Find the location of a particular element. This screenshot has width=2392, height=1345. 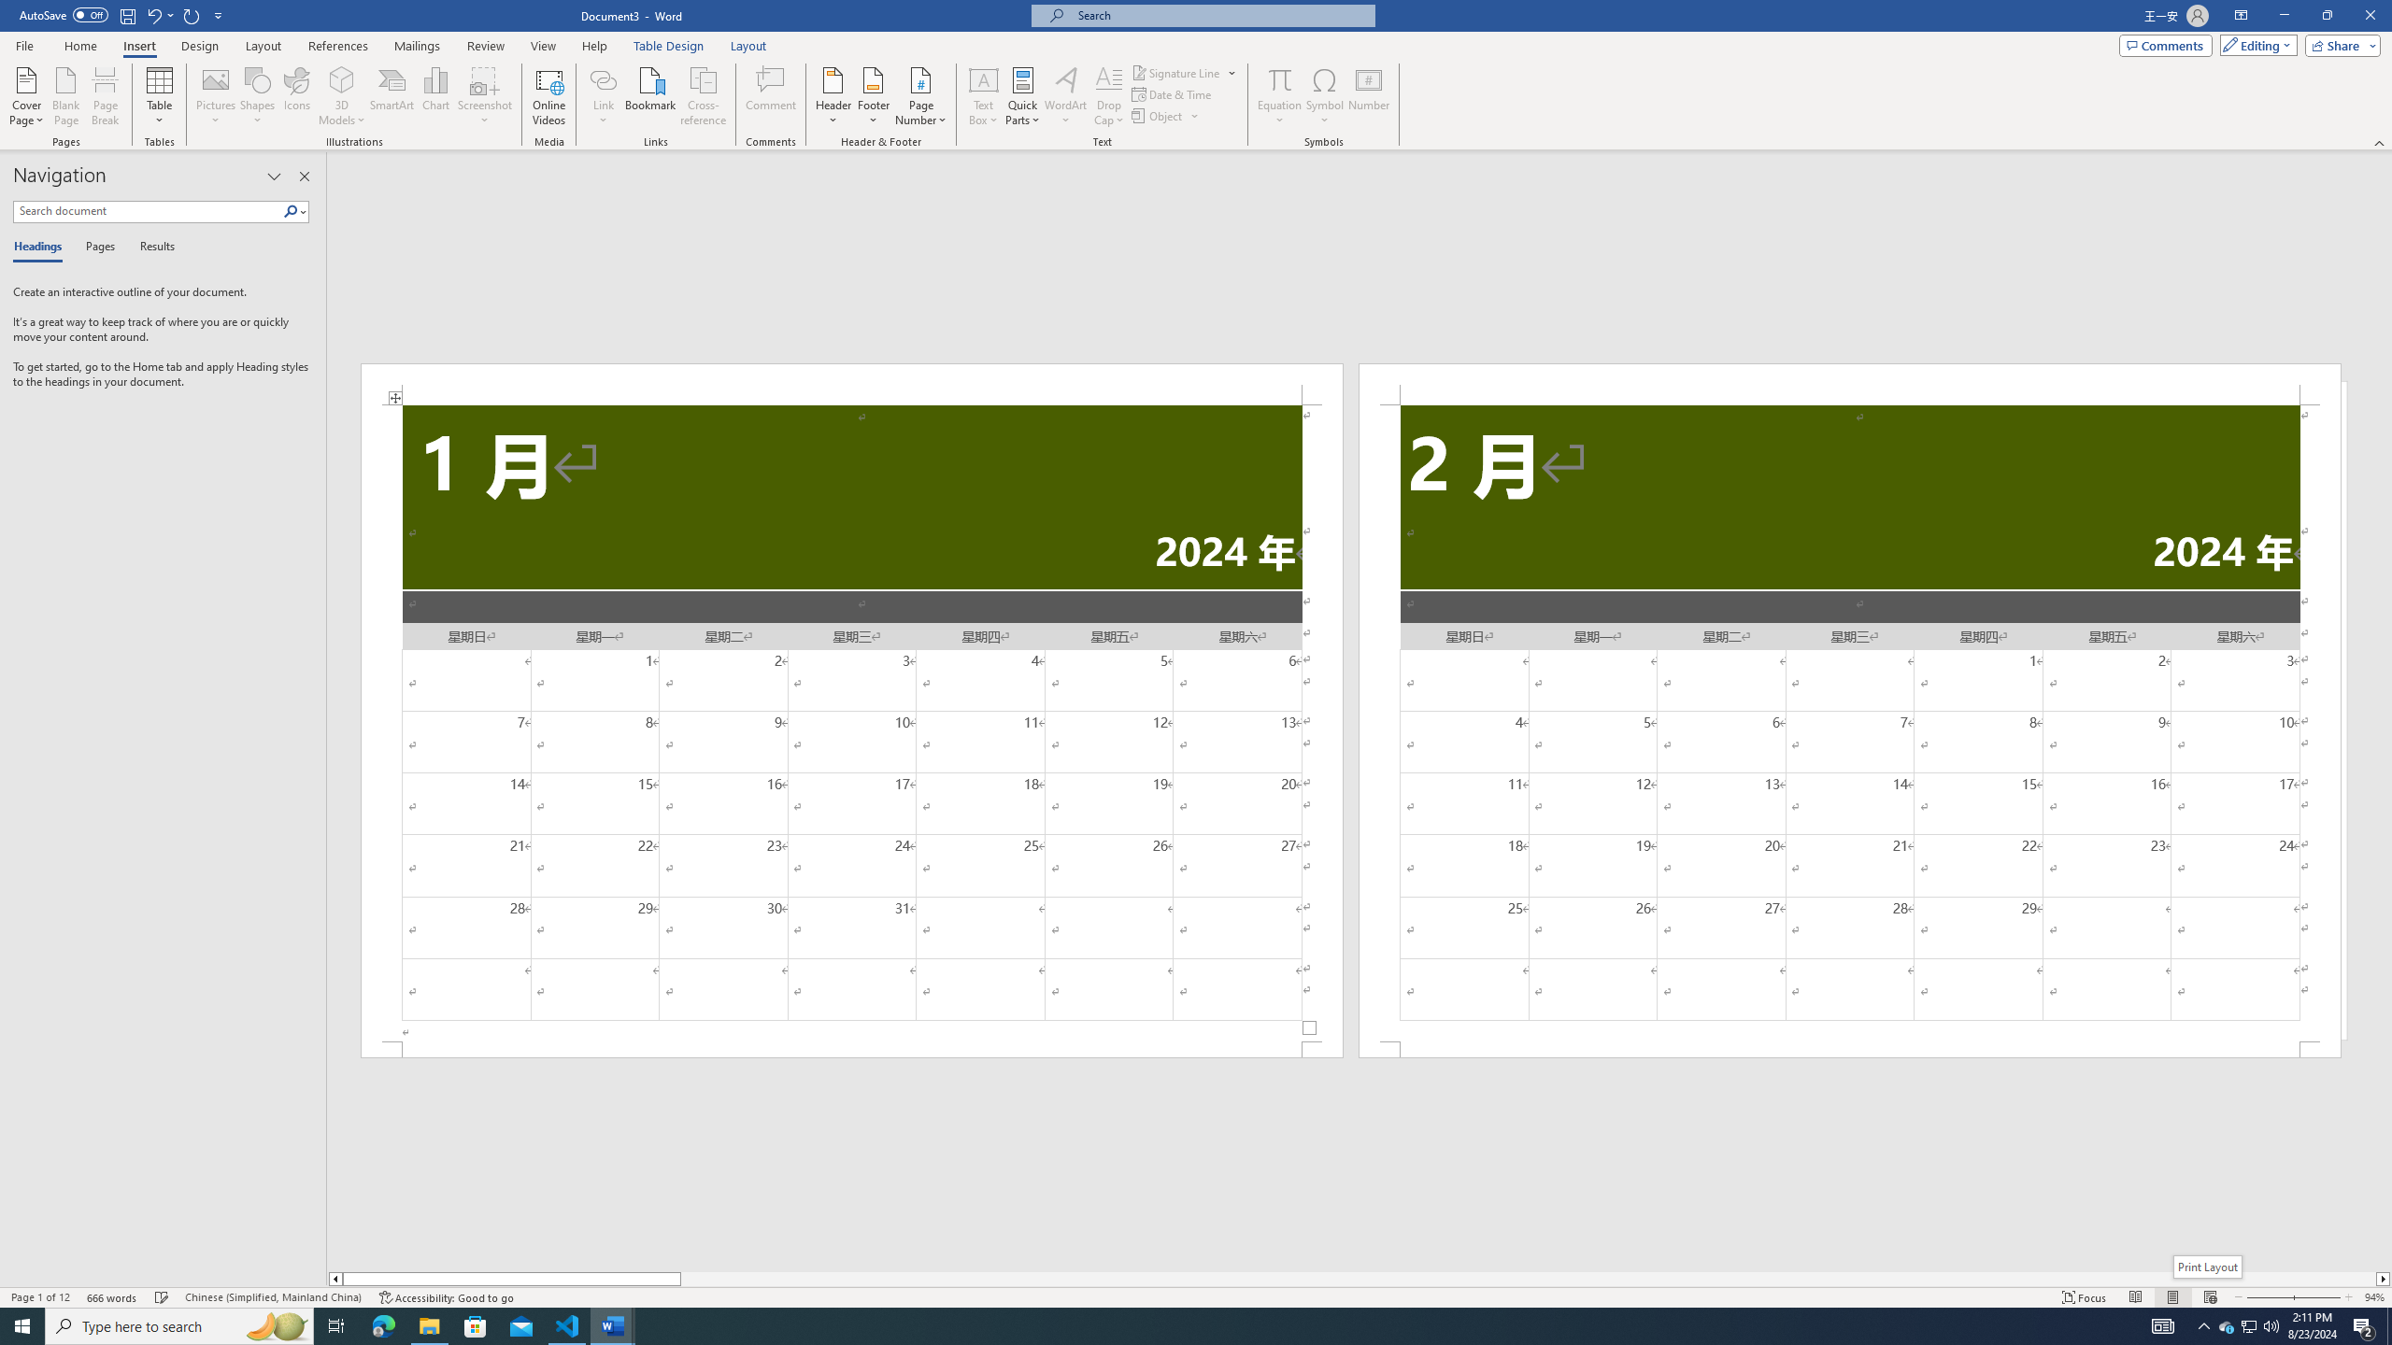

'Object...' is located at coordinates (1165, 114).